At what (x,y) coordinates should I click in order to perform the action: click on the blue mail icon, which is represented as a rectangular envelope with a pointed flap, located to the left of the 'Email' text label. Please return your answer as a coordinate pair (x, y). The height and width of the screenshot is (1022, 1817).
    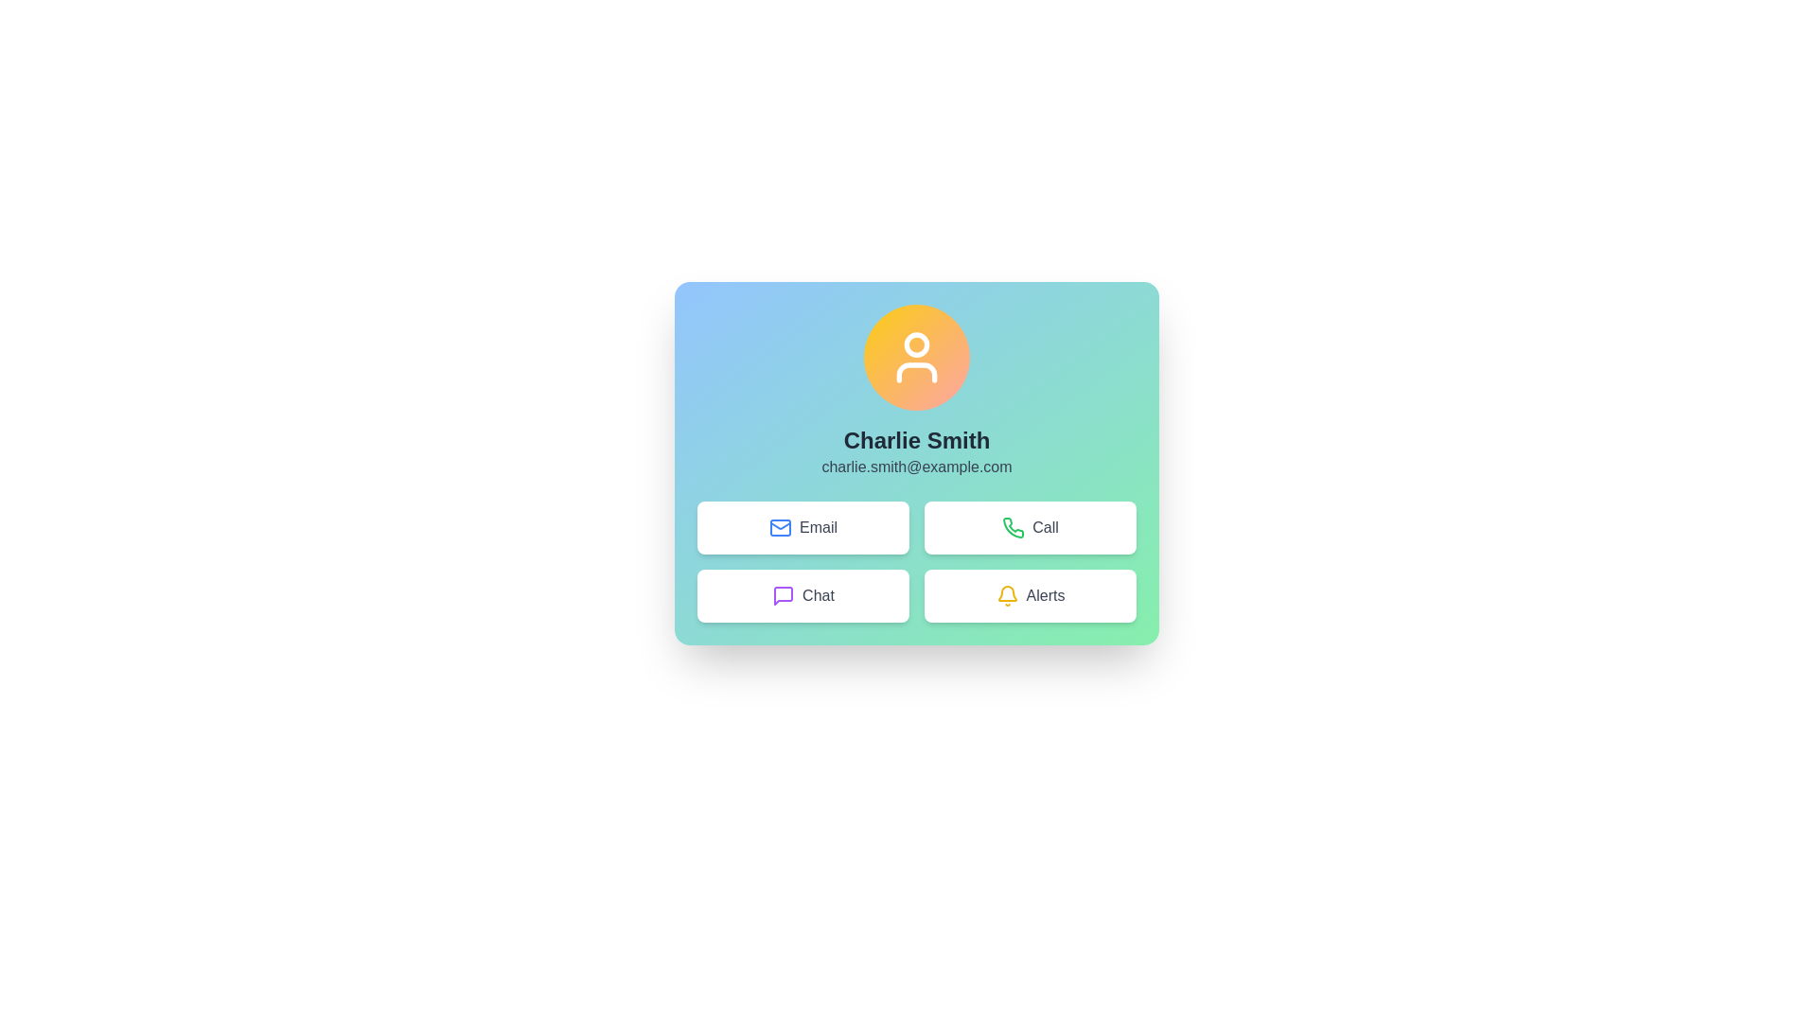
    Looking at the image, I should click on (781, 528).